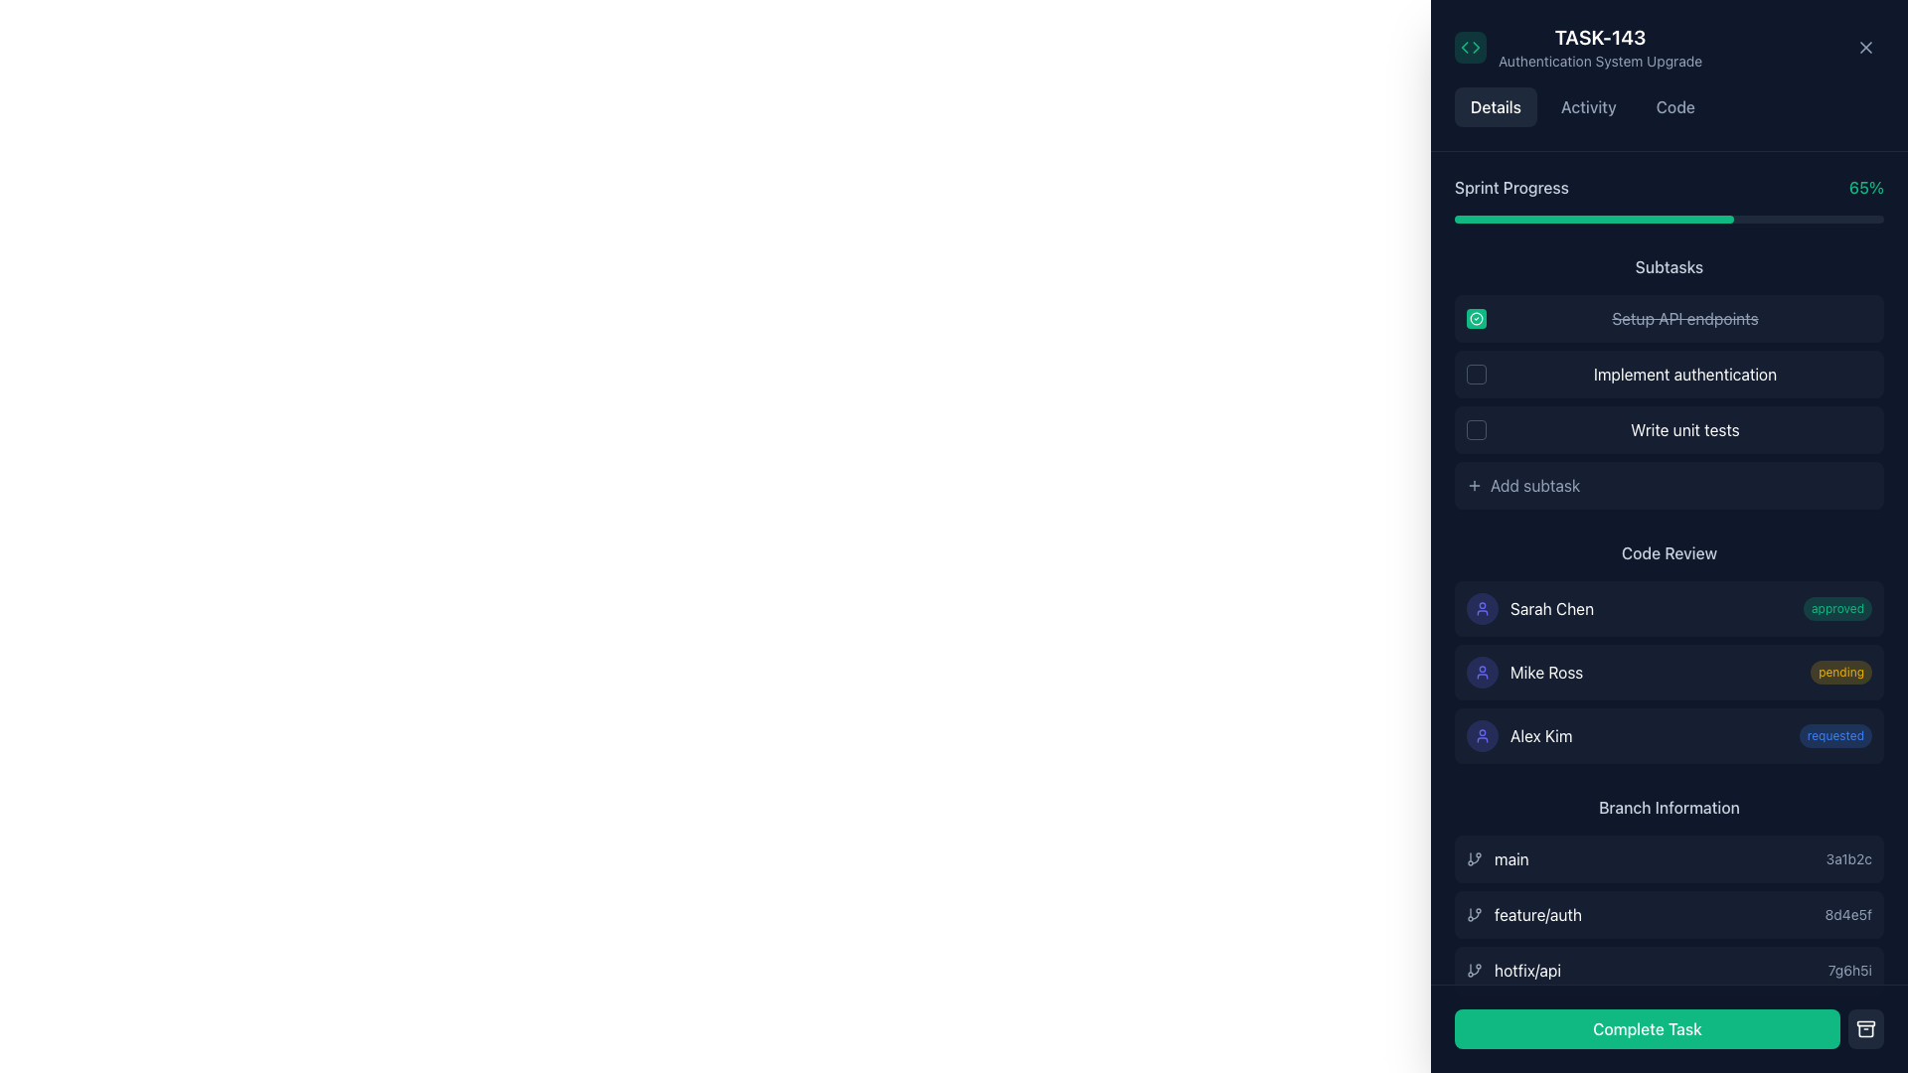  Describe the element at coordinates (1474, 486) in the screenshot. I see `the plus icon located on the left side of the 'Add subtask' button` at that location.